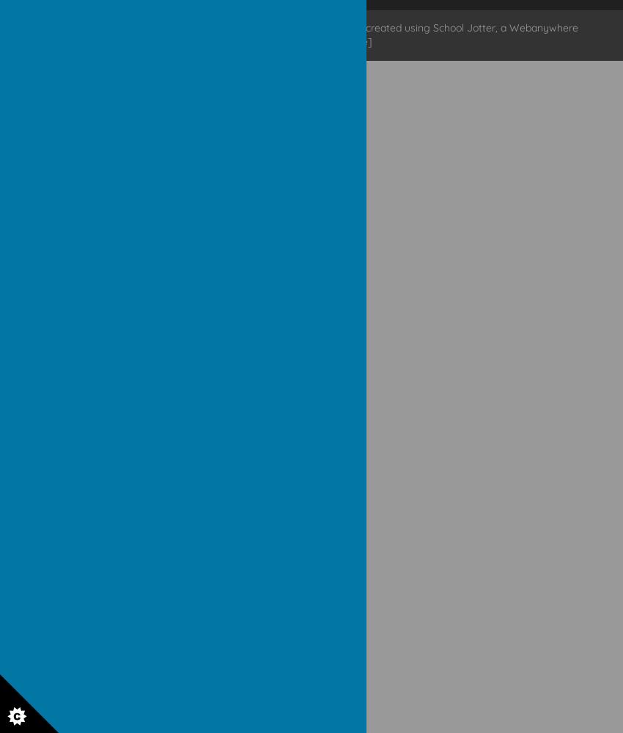 The image size is (623, 733). What do you see at coordinates (281, 27) in the screenshot?
I see `'school website'` at bounding box center [281, 27].